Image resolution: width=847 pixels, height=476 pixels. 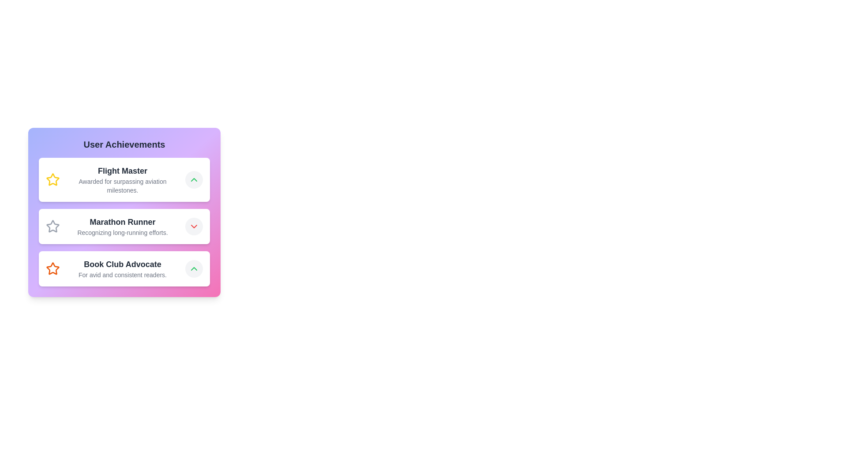 I want to click on the 'Marathon Runner' achievement title located in the second list item of the 'User Achievements' panel, so click(x=122, y=222).